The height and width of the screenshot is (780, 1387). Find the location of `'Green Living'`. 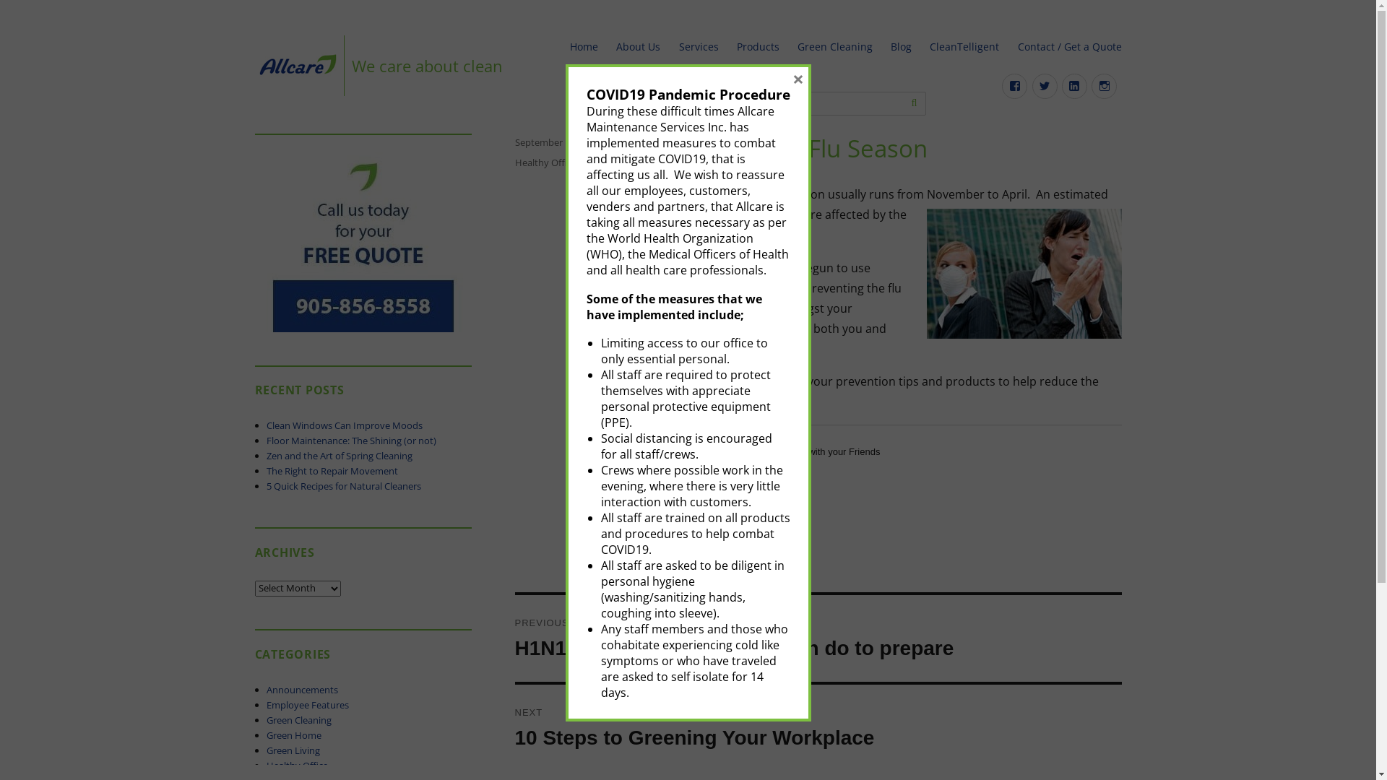

'Green Living' is located at coordinates (267, 749).